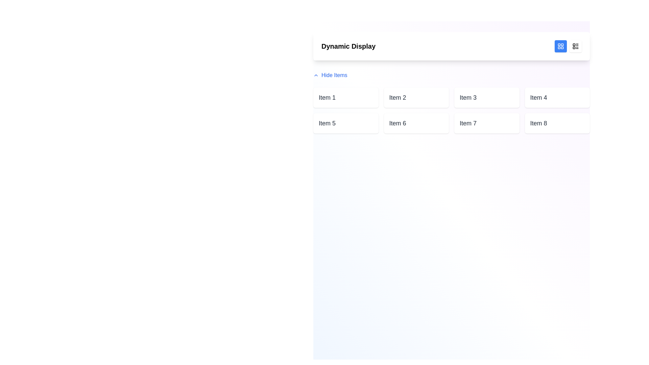 This screenshot has width=649, height=365. What do you see at coordinates (468, 98) in the screenshot?
I see `text label 'Item 3' displayed in the grid menu, which is the third item from the left in the top row, aligned with 'Item 1', 'Item 2', and 'Item 4'` at bounding box center [468, 98].